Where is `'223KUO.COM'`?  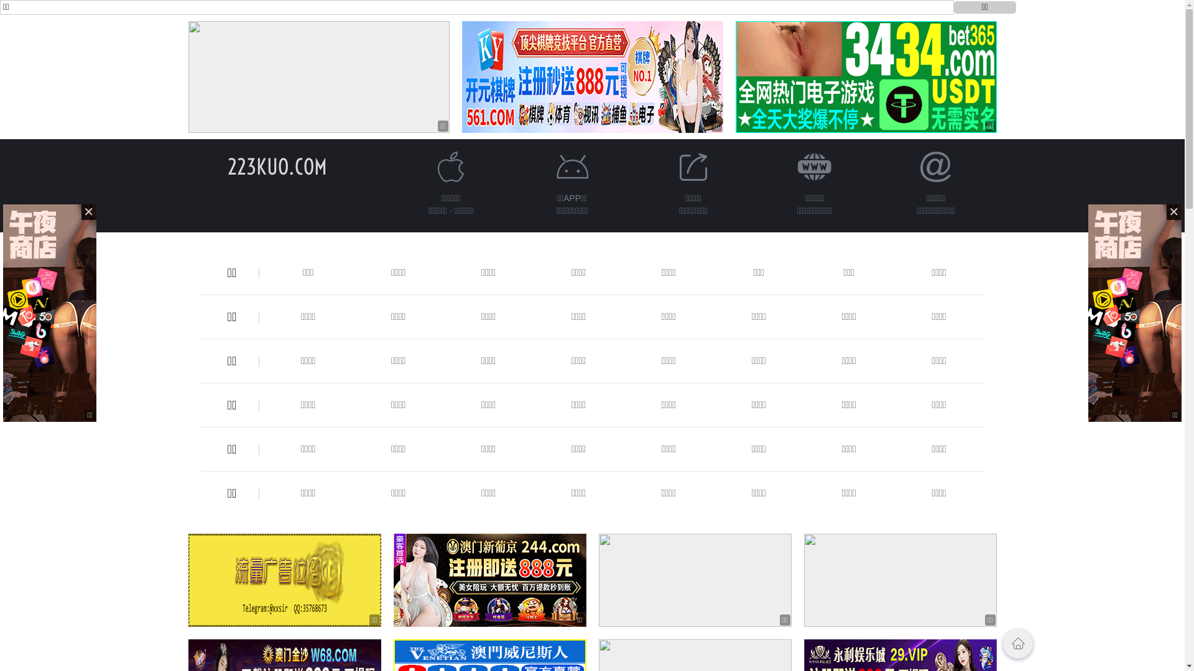
'223KUO.COM' is located at coordinates (277, 166).